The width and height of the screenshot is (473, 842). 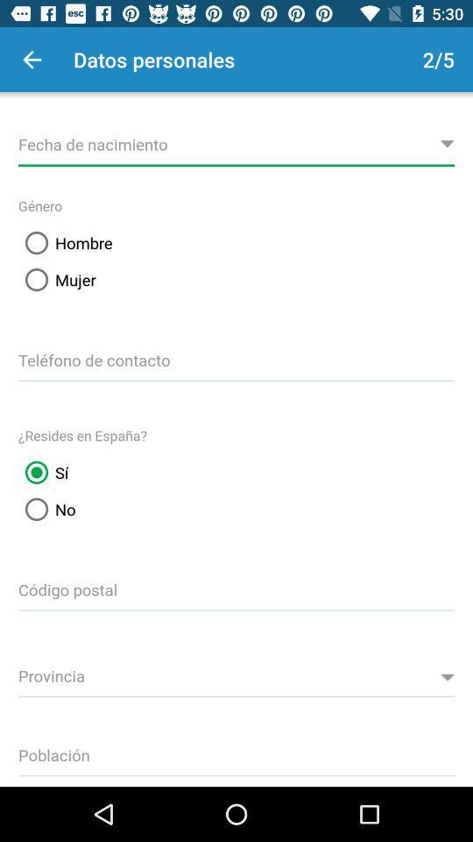 What do you see at coordinates (236, 141) in the screenshot?
I see `click more details` at bounding box center [236, 141].